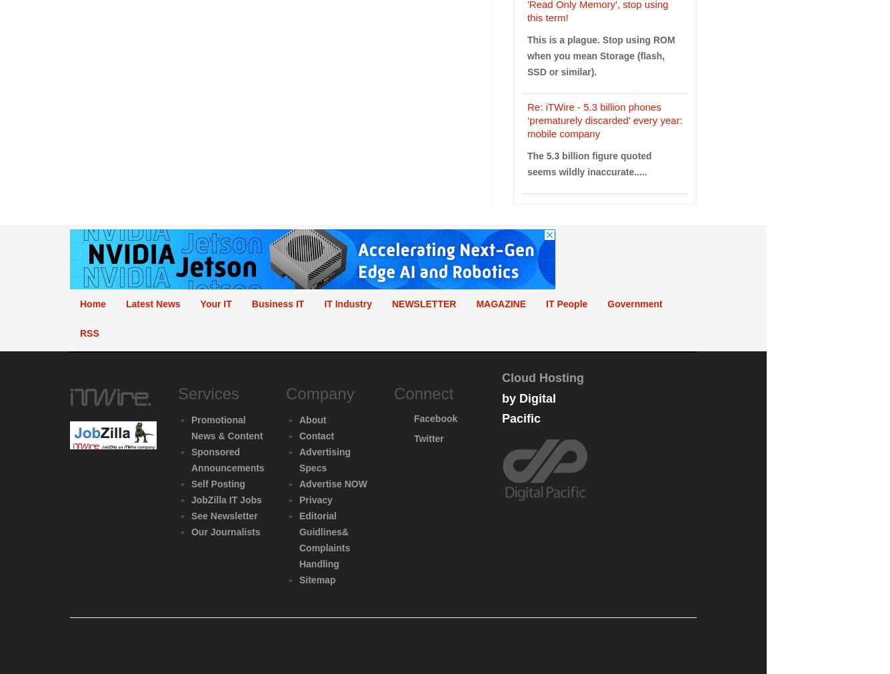 Image resolution: width=890 pixels, height=674 pixels. Describe the element at coordinates (189, 459) in the screenshot. I see `'Sponsored Announcements'` at that location.